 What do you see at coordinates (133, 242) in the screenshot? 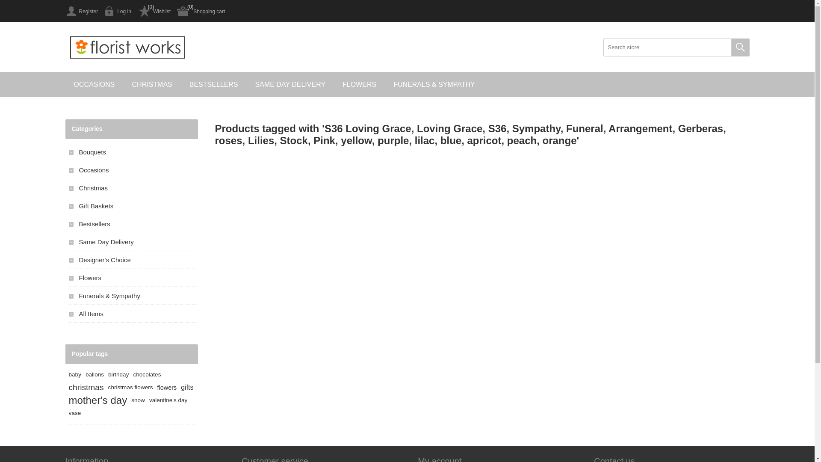
I see `'Same Day Delivery'` at bounding box center [133, 242].